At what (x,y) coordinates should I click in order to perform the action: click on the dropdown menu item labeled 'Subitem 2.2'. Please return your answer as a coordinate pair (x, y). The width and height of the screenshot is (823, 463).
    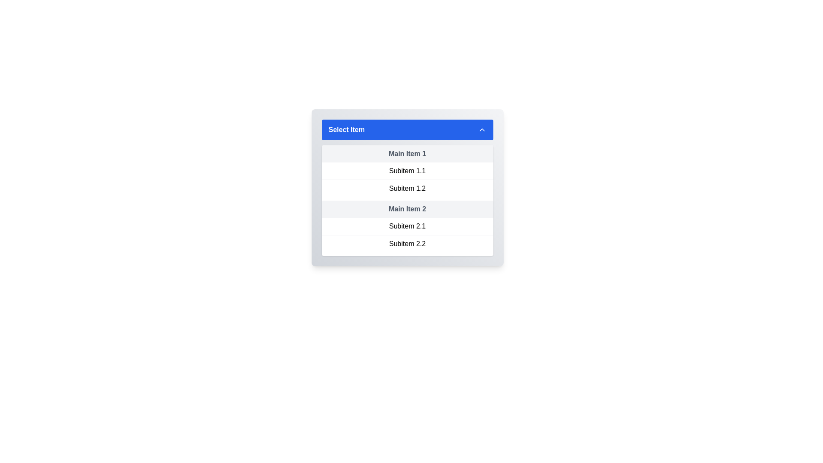
    Looking at the image, I should click on (407, 244).